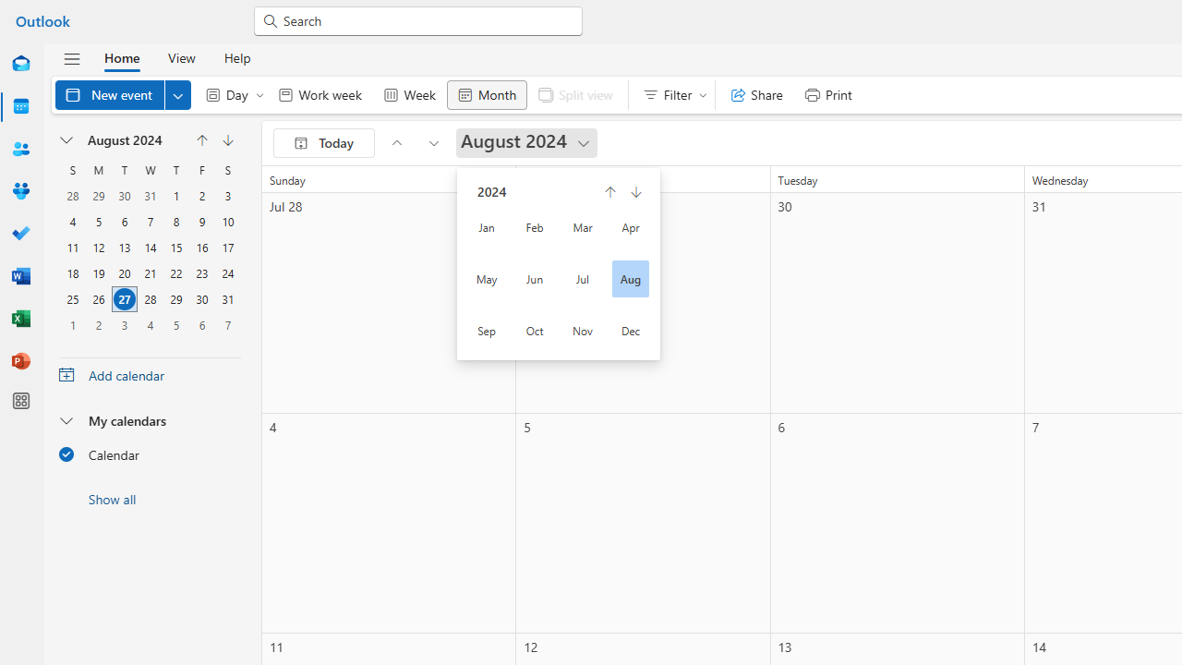 The height and width of the screenshot is (665, 1182). What do you see at coordinates (227, 298) in the screenshot?
I see `'31, August, 2024'` at bounding box center [227, 298].